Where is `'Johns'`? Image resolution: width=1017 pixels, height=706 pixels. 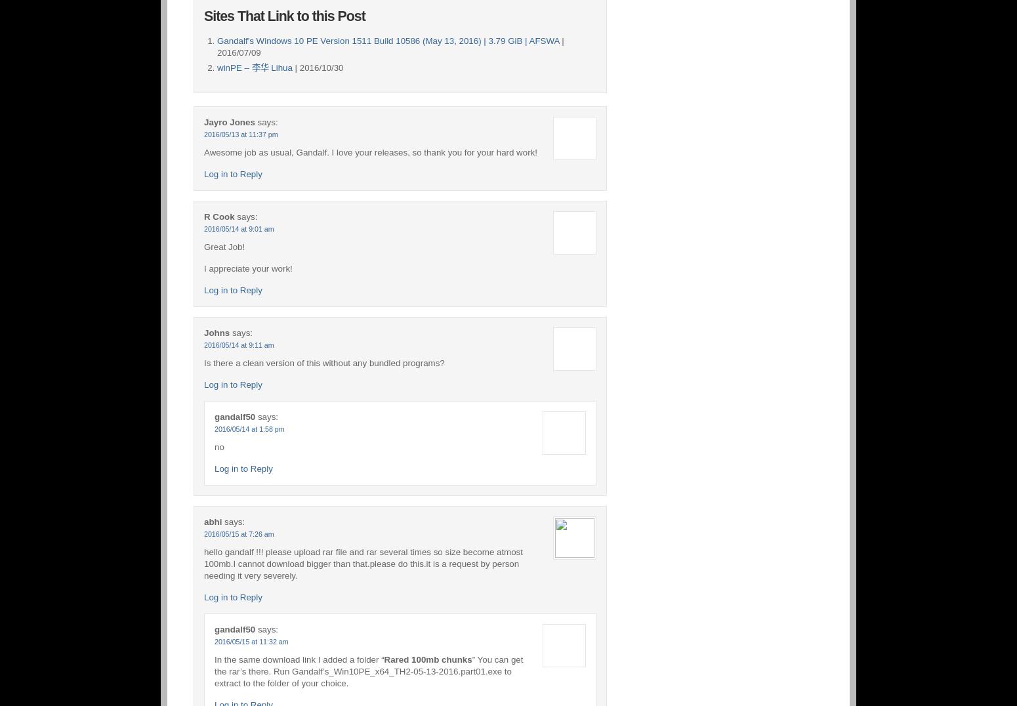 'Johns' is located at coordinates (203, 332).